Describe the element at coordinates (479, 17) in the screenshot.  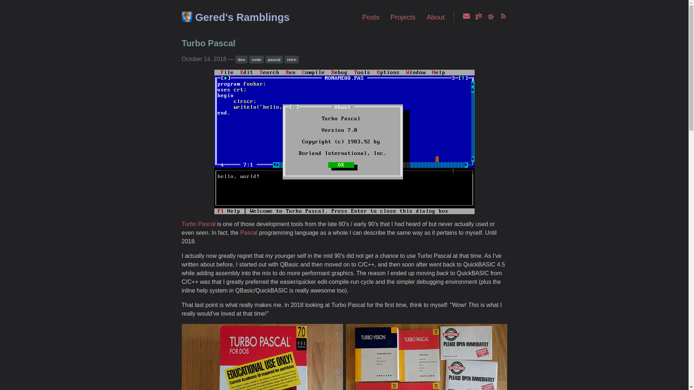
I see `'Git'` at that location.